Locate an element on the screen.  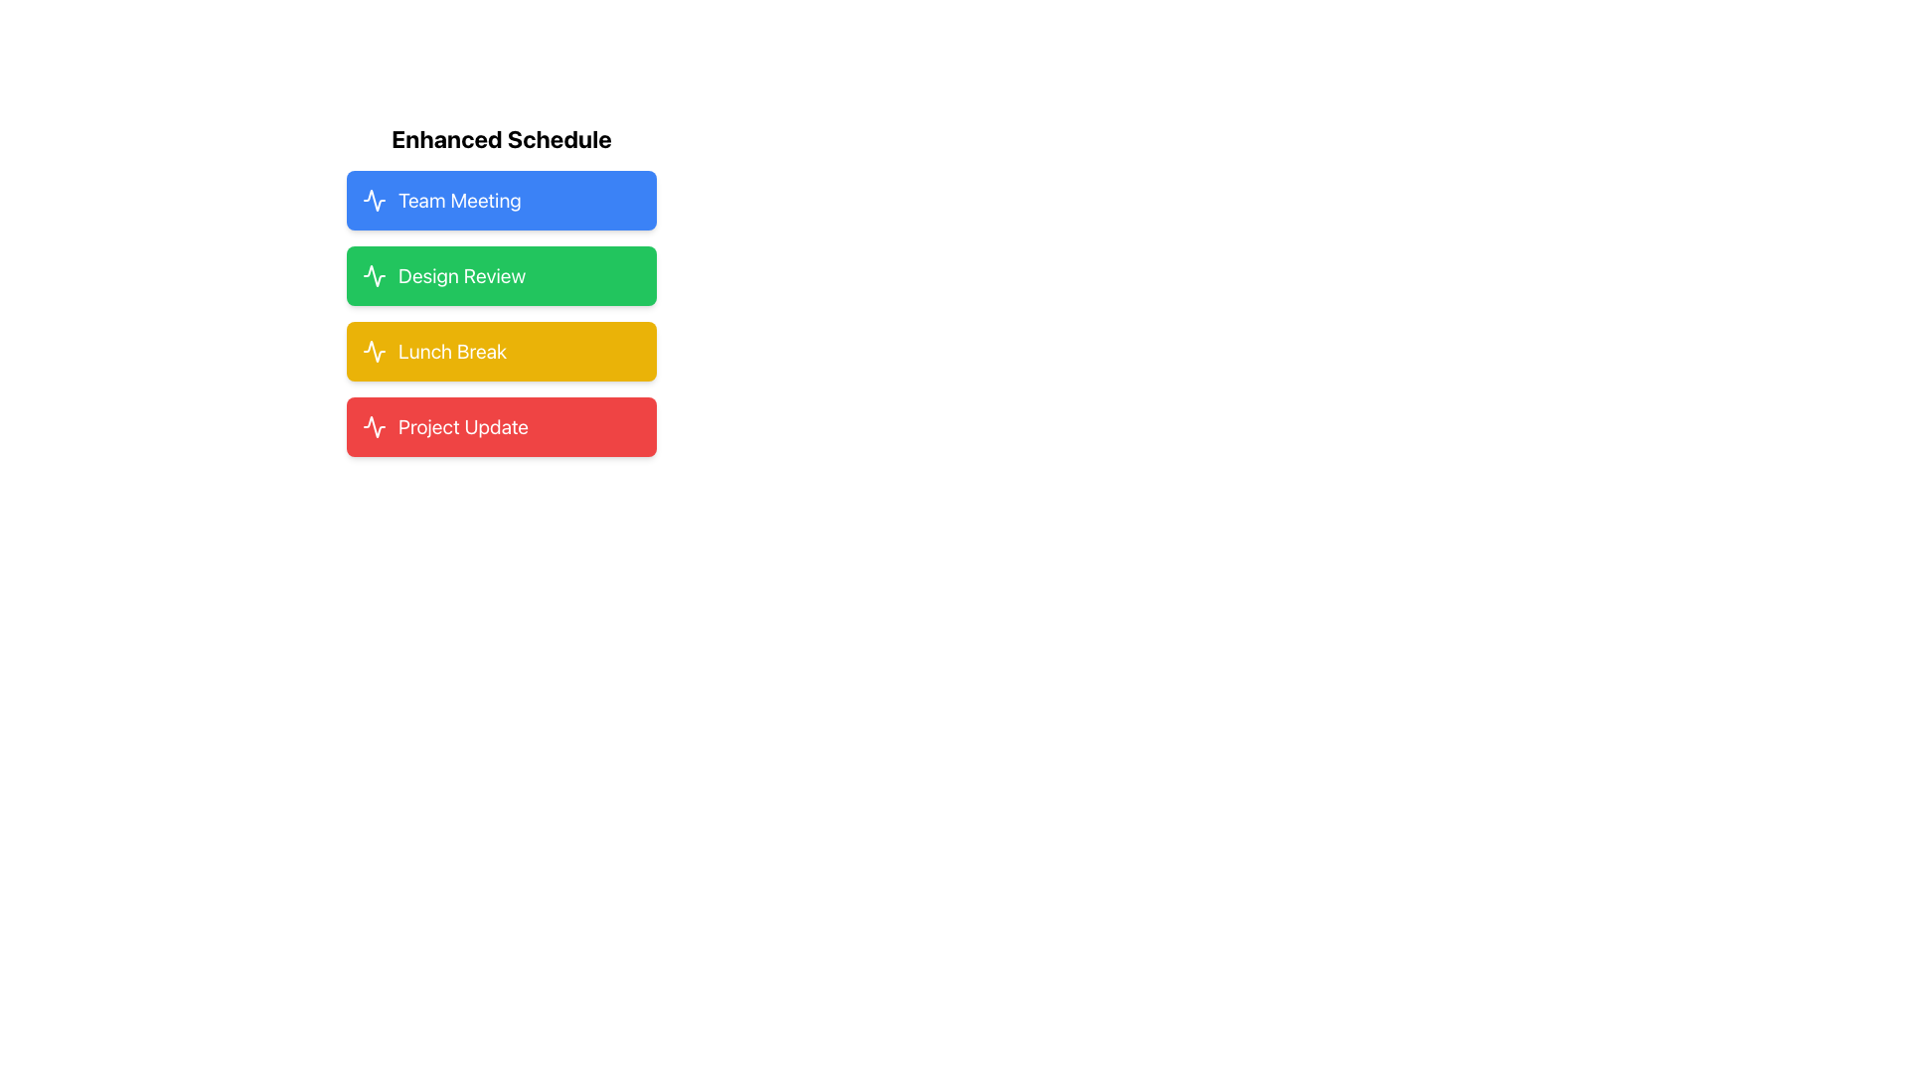
the small white icon representing activity inside the green rectangular button labeled 'Design Review', which is located is located at coordinates (375, 275).